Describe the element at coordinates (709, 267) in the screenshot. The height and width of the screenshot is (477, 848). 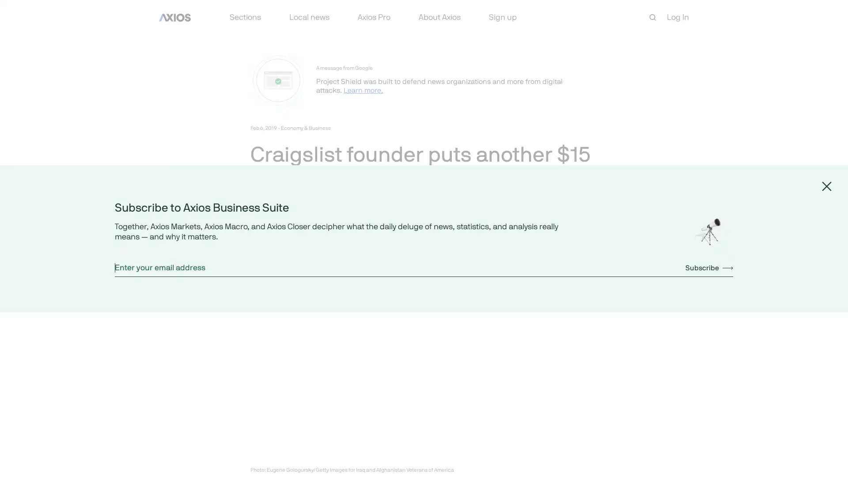
I see `Subscribe` at that location.